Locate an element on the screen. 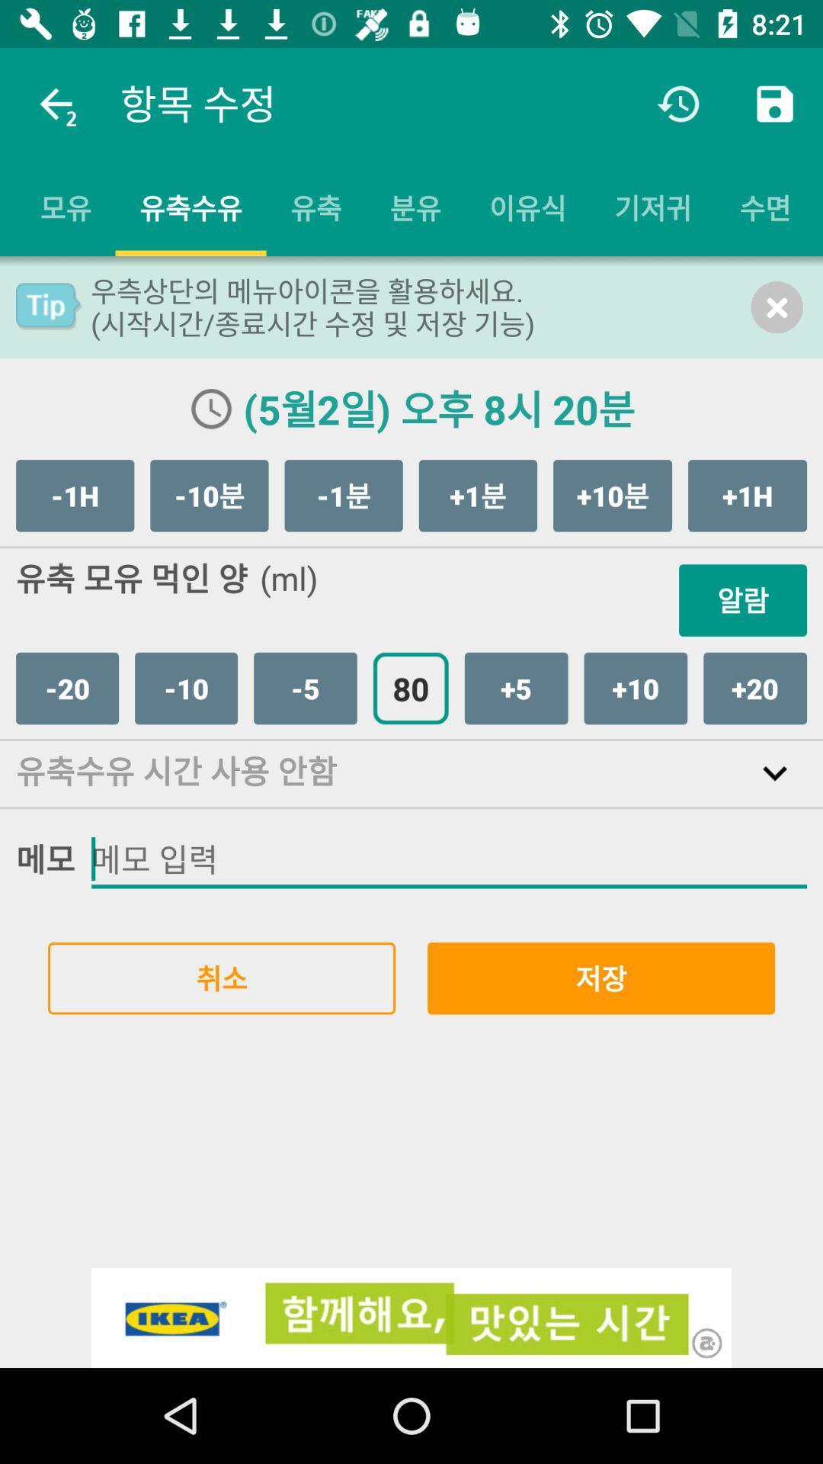 The image size is (823, 1464). 10 which is at the right side of 20 is located at coordinates (185, 687).